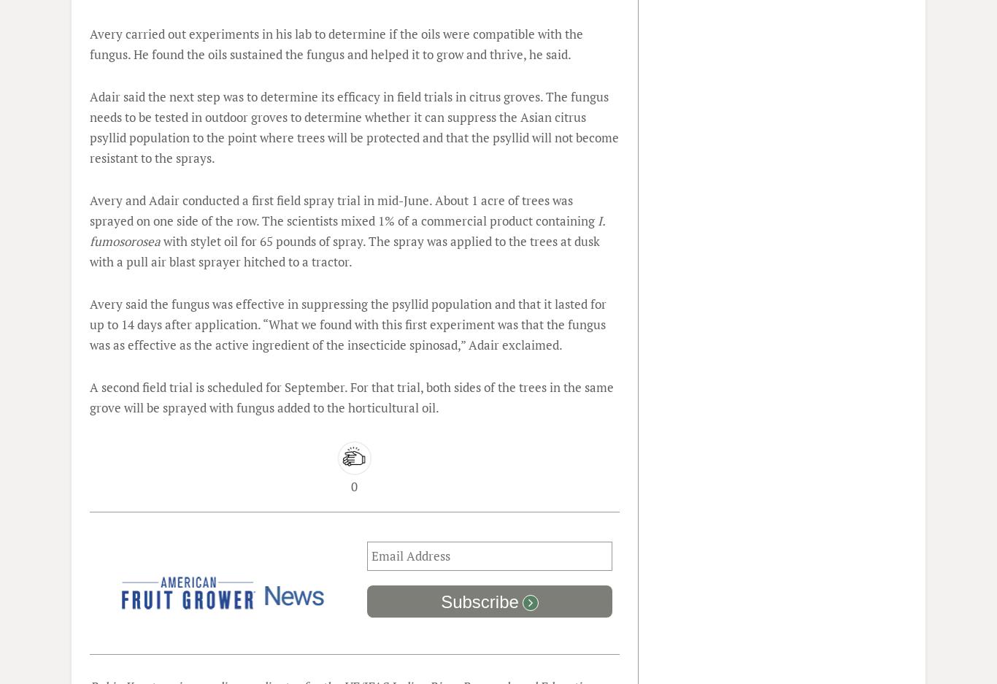  Describe the element at coordinates (354, 485) in the screenshot. I see `'0'` at that location.